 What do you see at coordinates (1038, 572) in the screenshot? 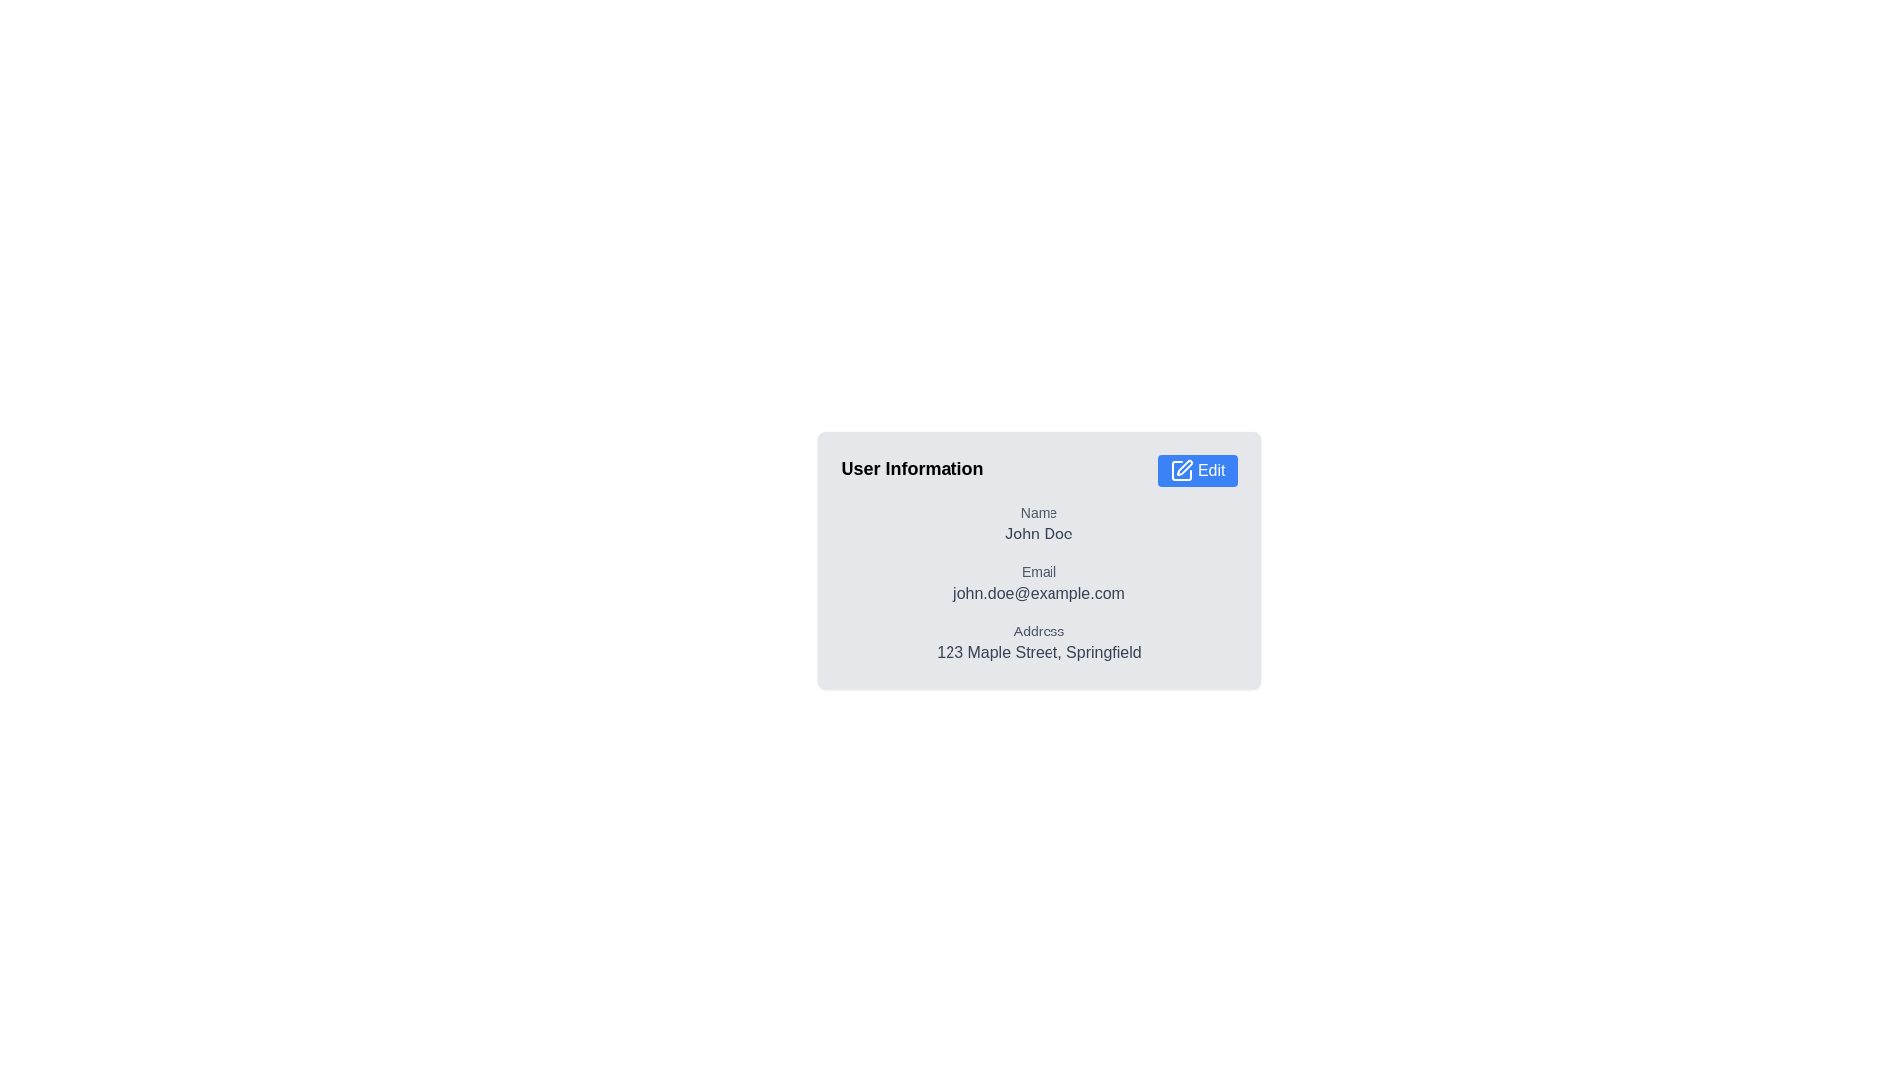
I see `the 'Email' text label which is displayed in a small gray font, centrally located within the 'User Information' panel above the email address text` at bounding box center [1038, 572].